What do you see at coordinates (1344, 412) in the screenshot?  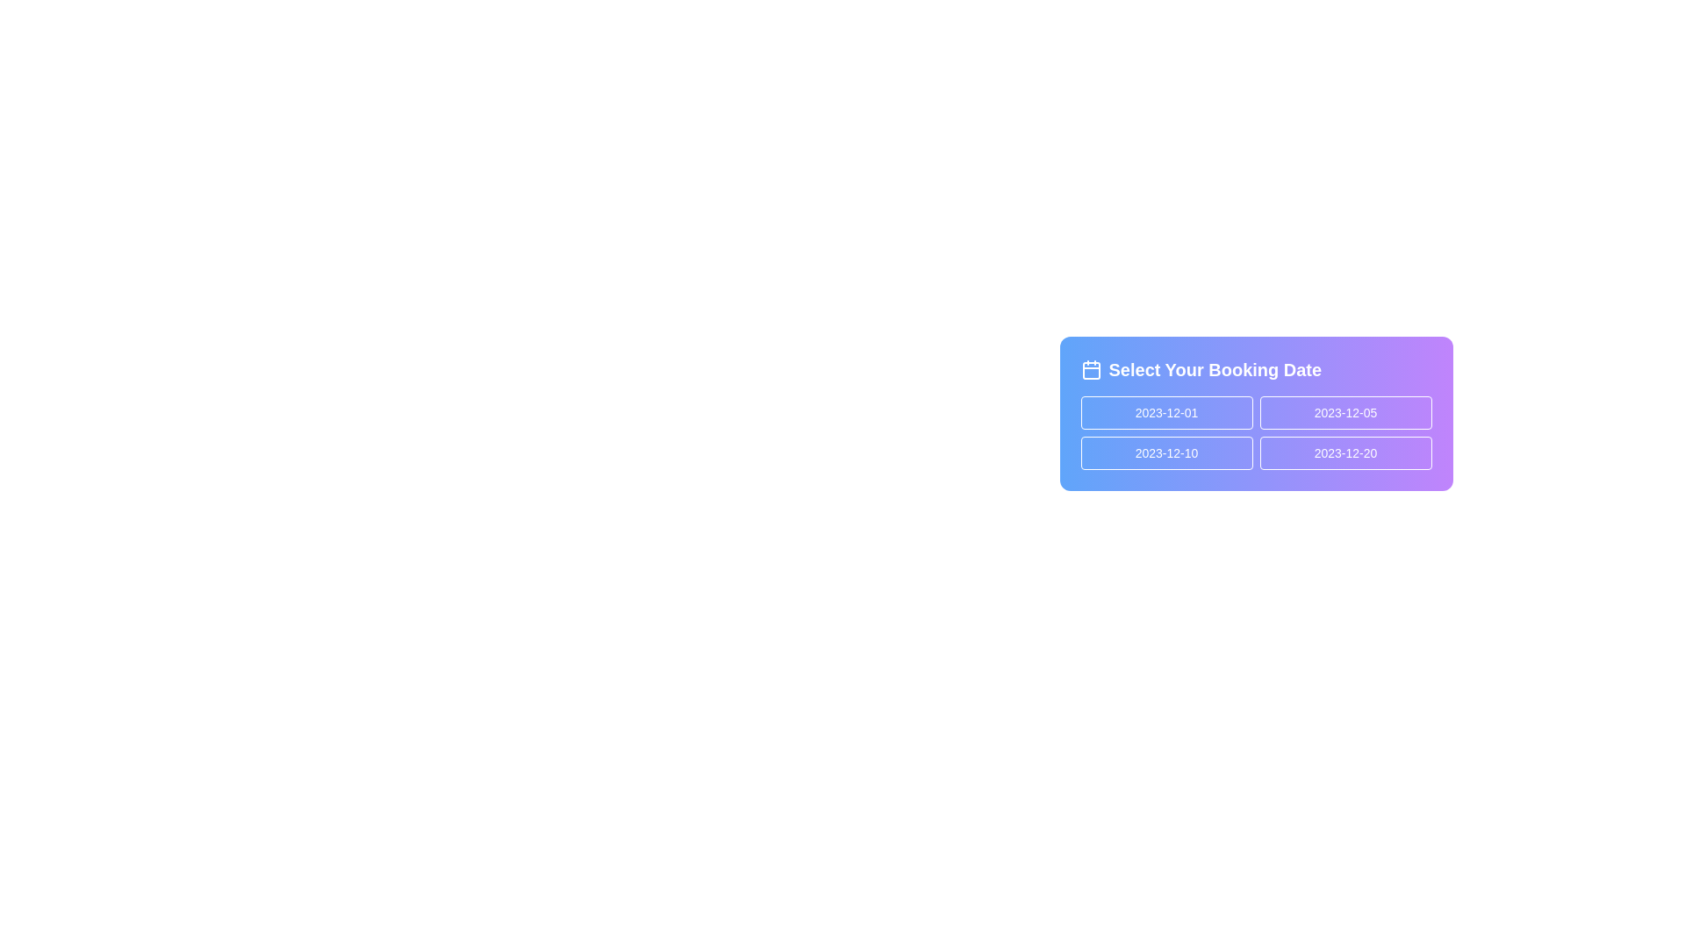 I see `the button used to select the date '2023-12-05'` at bounding box center [1344, 412].